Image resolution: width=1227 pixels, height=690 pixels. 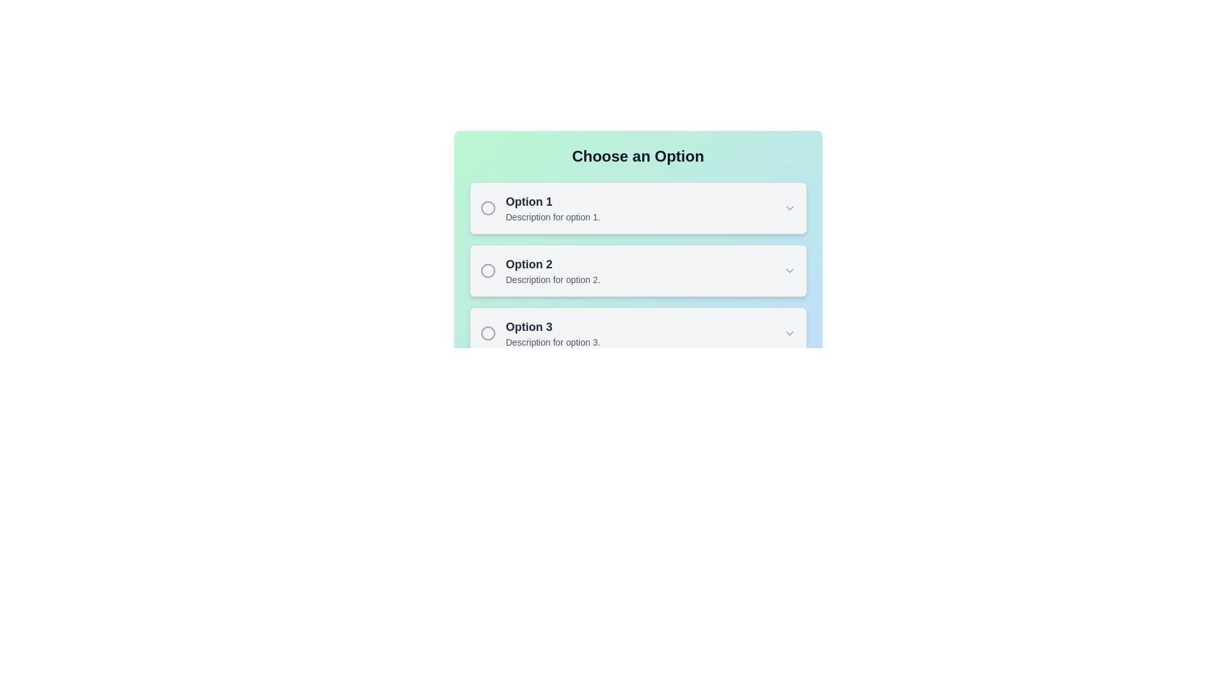 I want to click on the text block containing the bold title 'Option 2' and the subtext 'Description for option 2.' located in the center-left area of the second option card, so click(x=553, y=270).